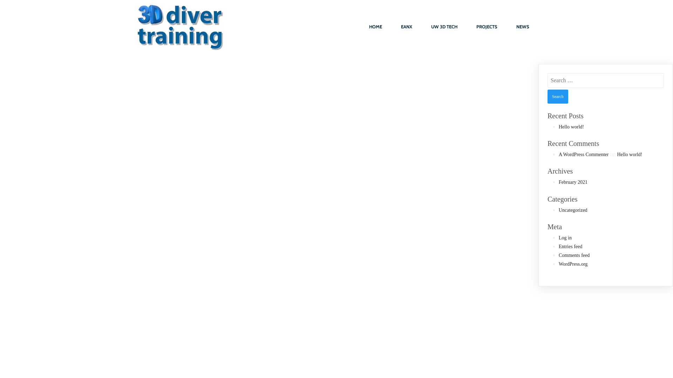 The width and height of the screenshot is (673, 378). Describe the element at coordinates (584, 154) in the screenshot. I see `'A WordPress Commenter'` at that location.